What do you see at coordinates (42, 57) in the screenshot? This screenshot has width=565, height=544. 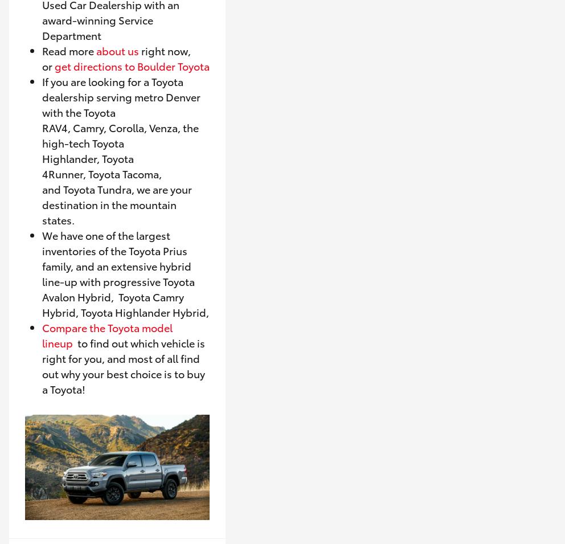 I see `'right now, or'` at bounding box center [42, 57].